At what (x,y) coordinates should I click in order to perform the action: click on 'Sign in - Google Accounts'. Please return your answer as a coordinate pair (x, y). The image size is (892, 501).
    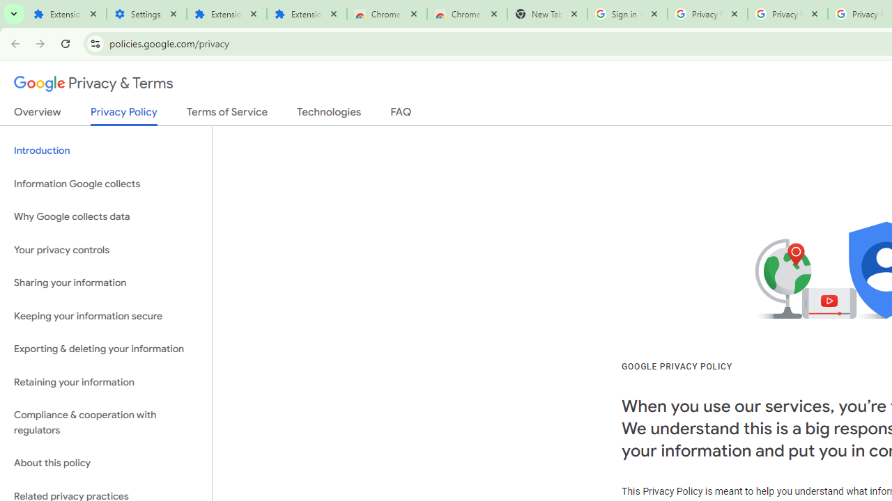
    Looking at the image, I should click on (626, 14).